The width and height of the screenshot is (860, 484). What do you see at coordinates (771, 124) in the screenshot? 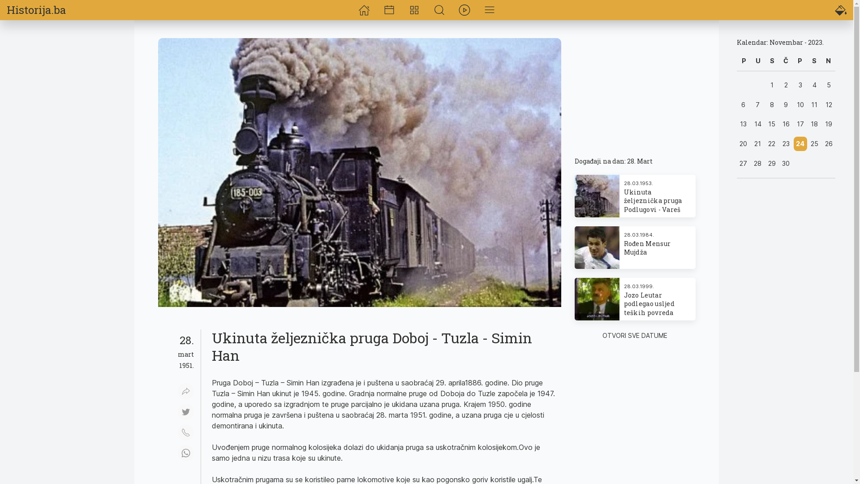
I see `'15'` at bounding box center [771, 124].